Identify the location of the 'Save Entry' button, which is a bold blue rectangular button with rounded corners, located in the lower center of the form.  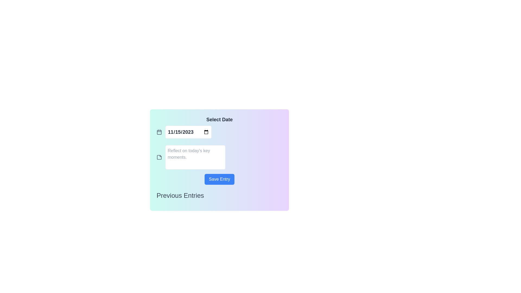
(219, 179).